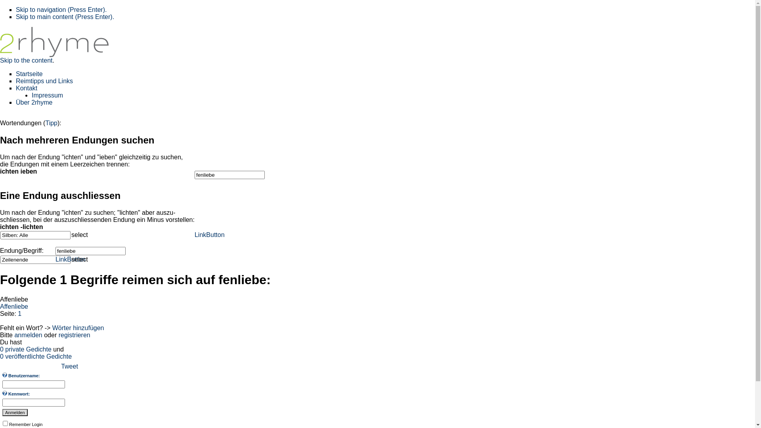 Image resolution: width=761 pixels, height=428 pixels. Describe the element at coordinates (27, 88) in the screenshot. I see `'Kontakt'` at that location.